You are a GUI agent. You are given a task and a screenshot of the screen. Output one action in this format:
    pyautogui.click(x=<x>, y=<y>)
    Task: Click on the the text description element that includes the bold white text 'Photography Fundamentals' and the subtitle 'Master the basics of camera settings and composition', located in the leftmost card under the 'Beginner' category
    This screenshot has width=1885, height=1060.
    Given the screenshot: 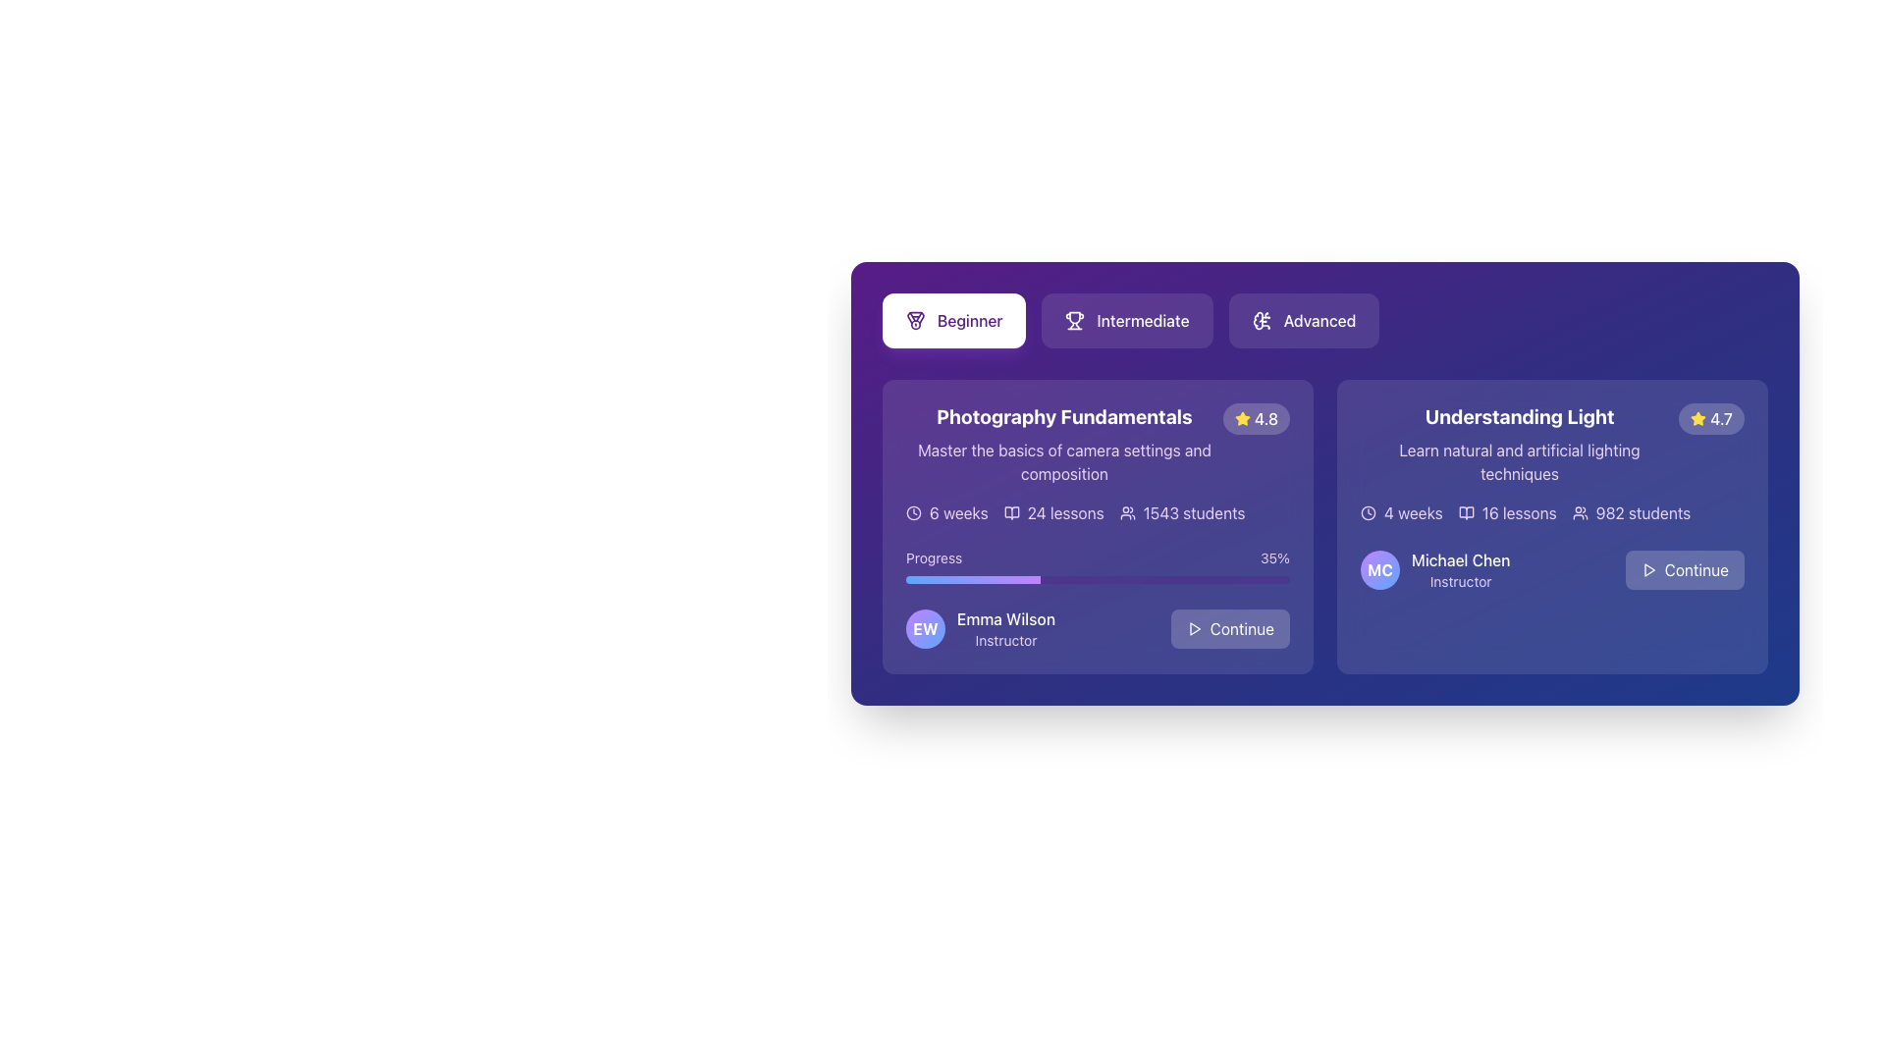 What is the action you would take?
    pyautogui.click(x=1063, y=444)
    